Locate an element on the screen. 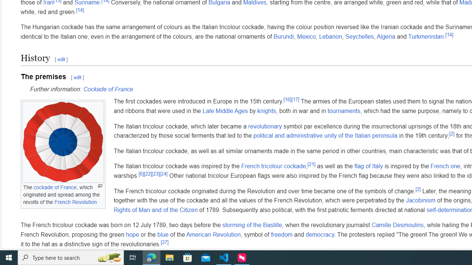 Image resolution: width=472 pixels, height=265 pixels. '[27]' is located at coordinates (164, 242).